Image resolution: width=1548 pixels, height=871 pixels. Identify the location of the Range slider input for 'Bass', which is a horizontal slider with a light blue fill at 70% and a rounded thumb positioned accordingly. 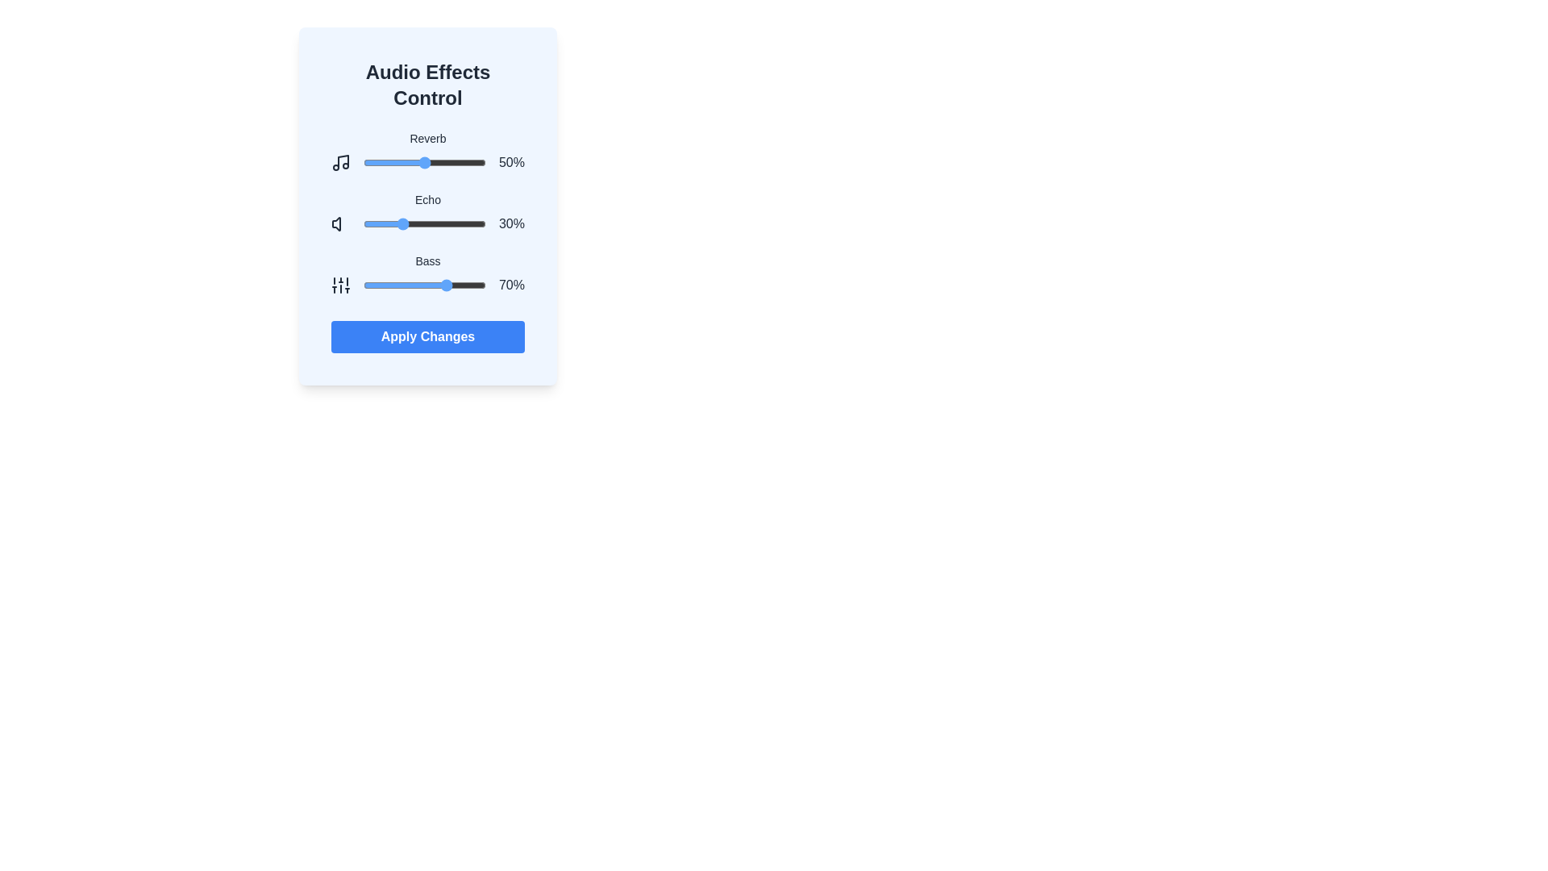
(425, 285).